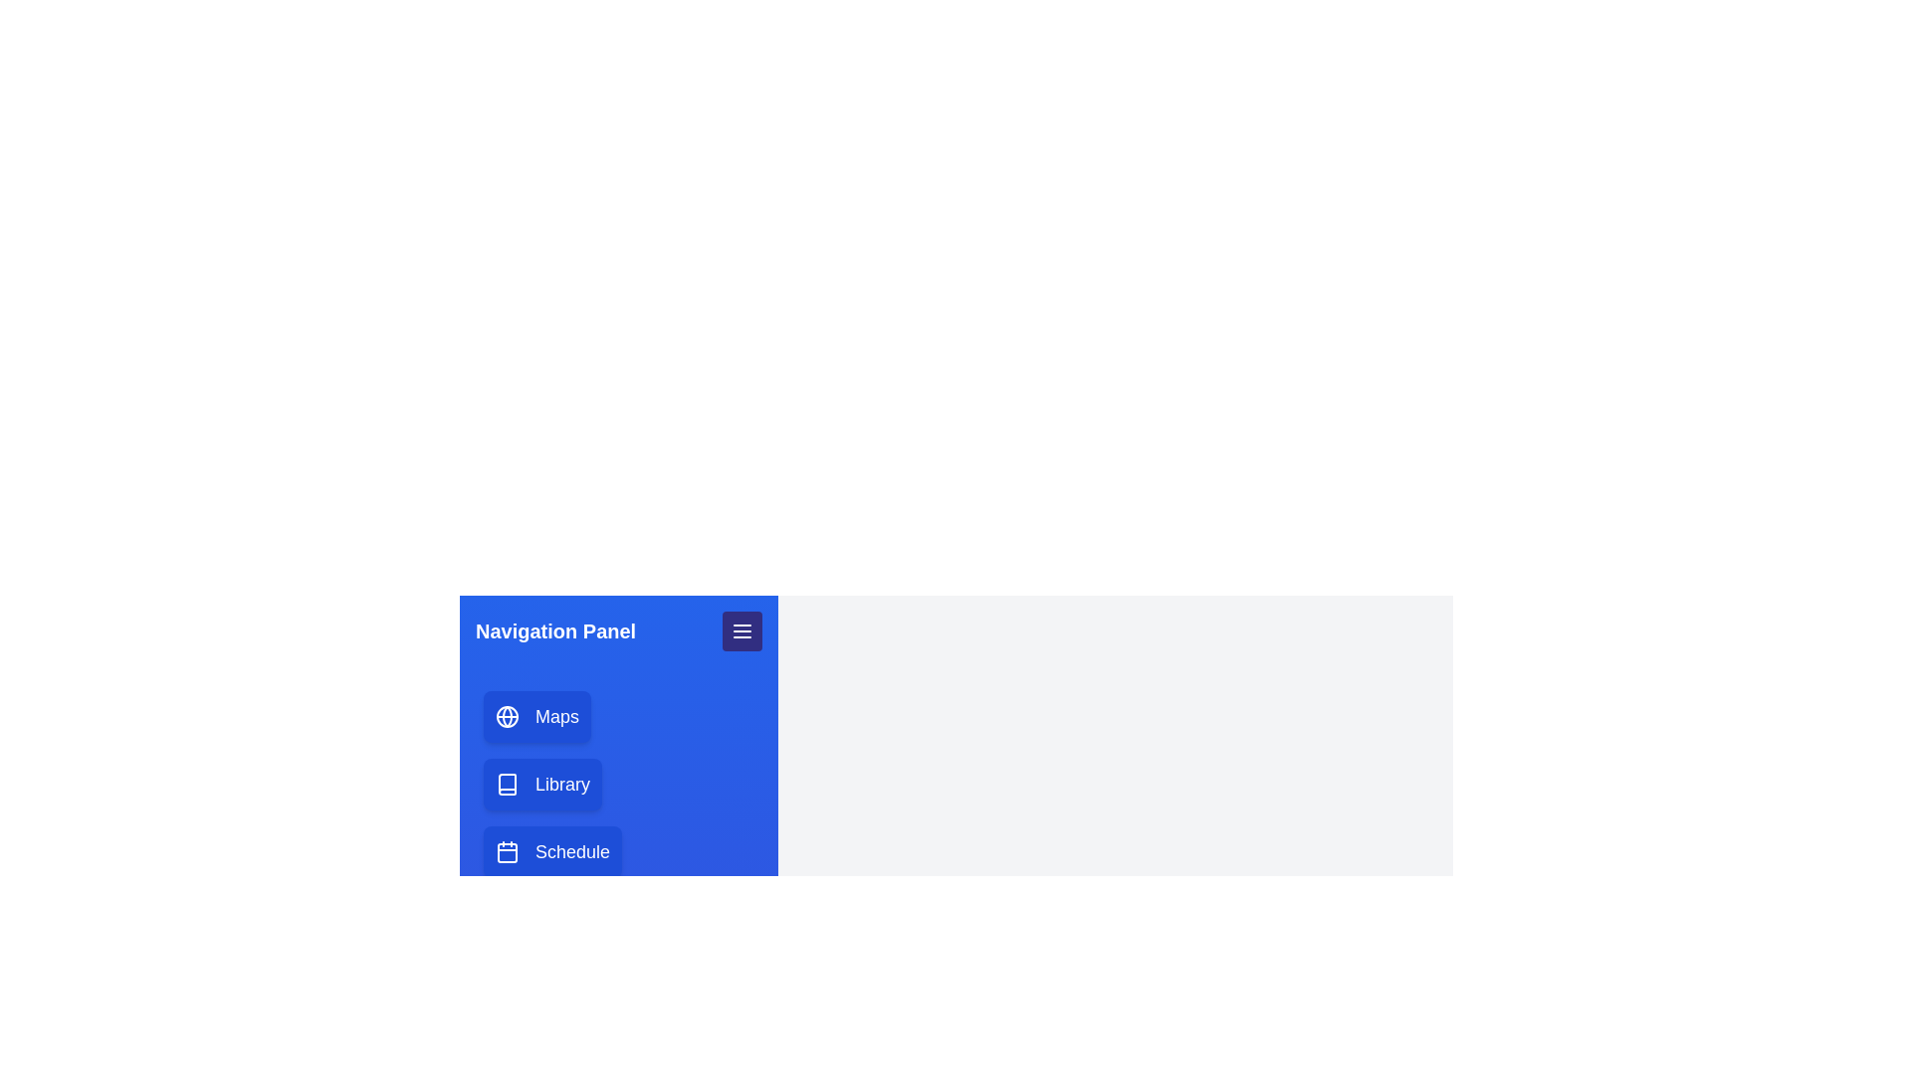 This screenshot has width=1911, height=1074. I want to click on the button corresponding to the category Maps, so click(536, 717).